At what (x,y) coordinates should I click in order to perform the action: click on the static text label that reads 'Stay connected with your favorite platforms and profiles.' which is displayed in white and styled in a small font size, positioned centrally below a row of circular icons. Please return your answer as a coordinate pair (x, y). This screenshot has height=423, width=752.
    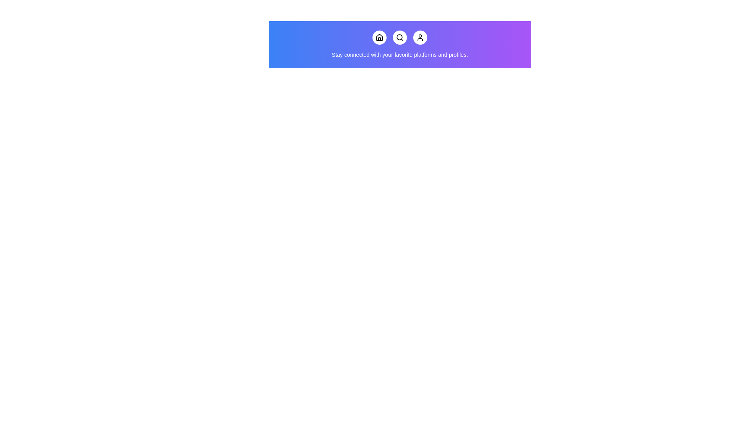
    Looking at the image, I should click on (400, 54).